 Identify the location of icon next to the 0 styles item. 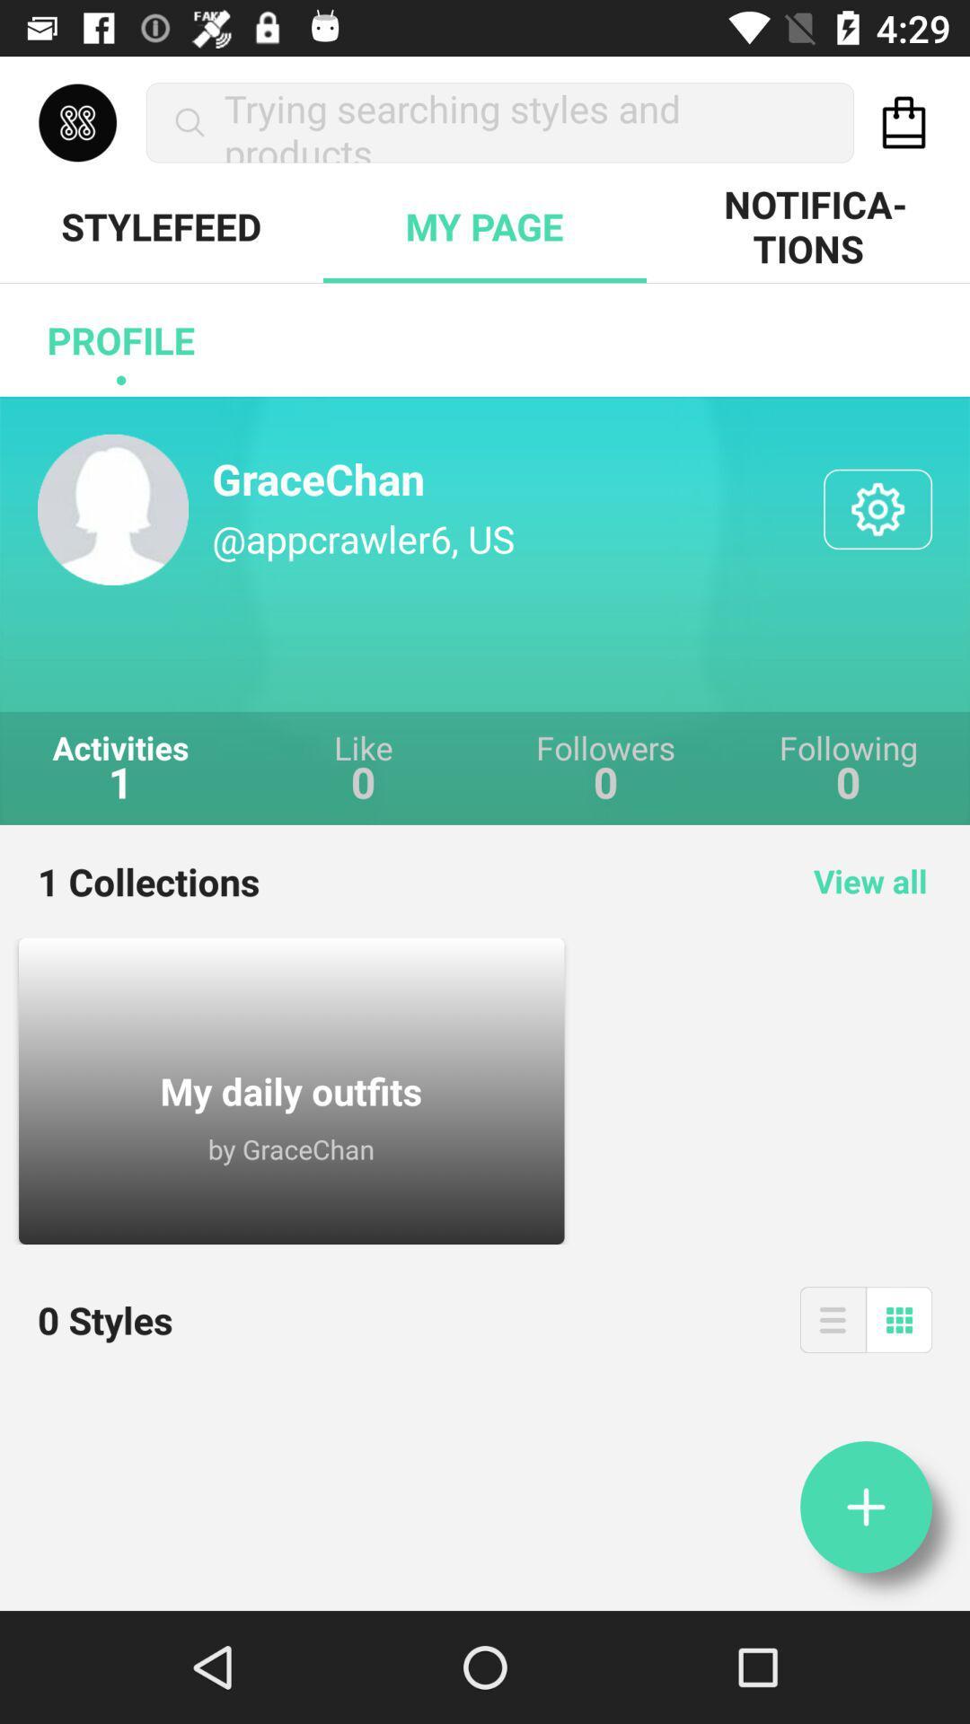
(833, 1319).